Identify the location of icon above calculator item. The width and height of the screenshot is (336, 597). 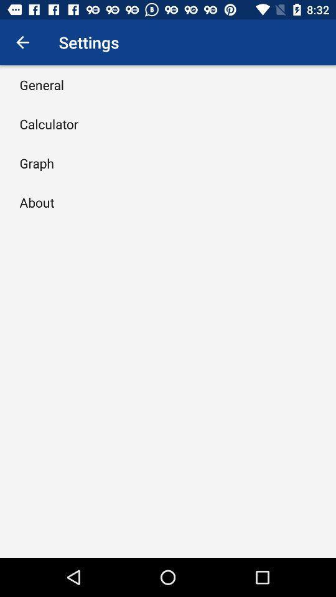
(42, 84).